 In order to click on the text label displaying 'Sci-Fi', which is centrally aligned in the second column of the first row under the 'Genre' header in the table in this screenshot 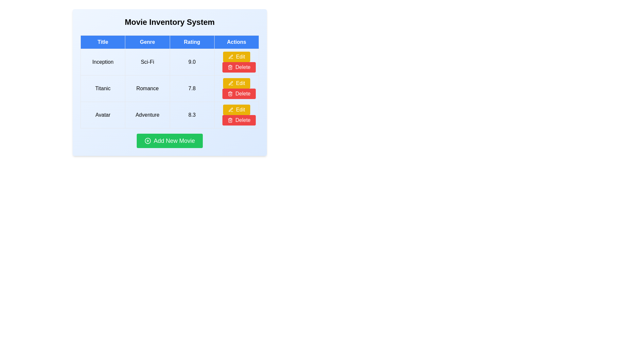, I will do `click(147, 62)`.